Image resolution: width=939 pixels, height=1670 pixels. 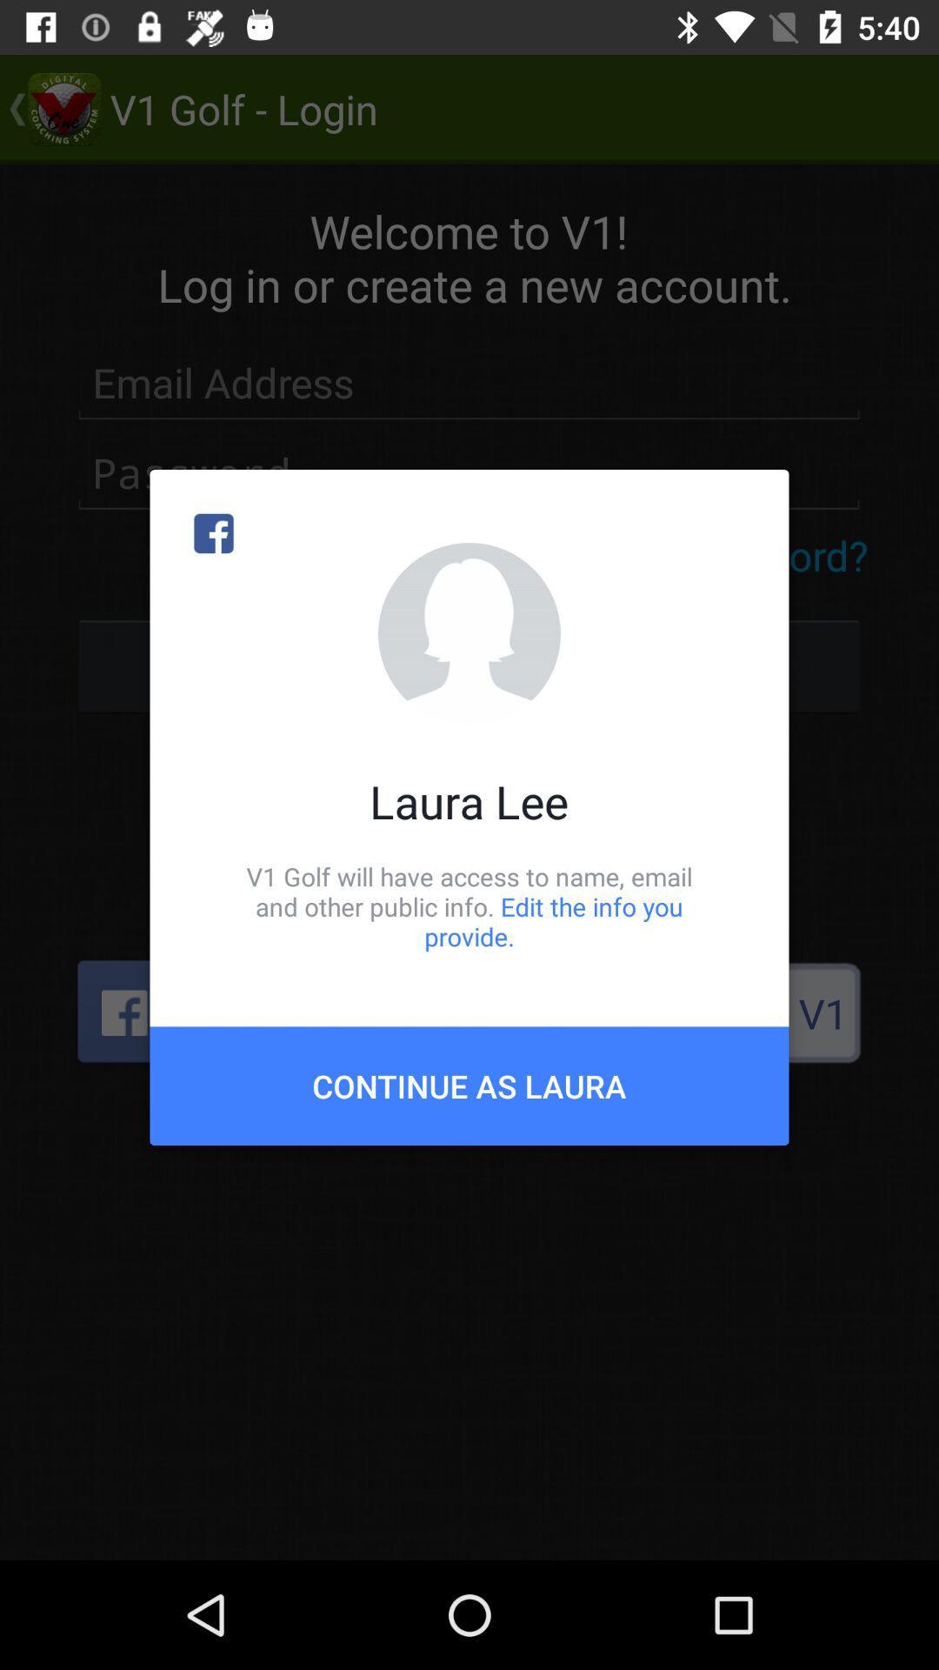 I want to click on the continue as laura icon, so click(x=469, y=1085).